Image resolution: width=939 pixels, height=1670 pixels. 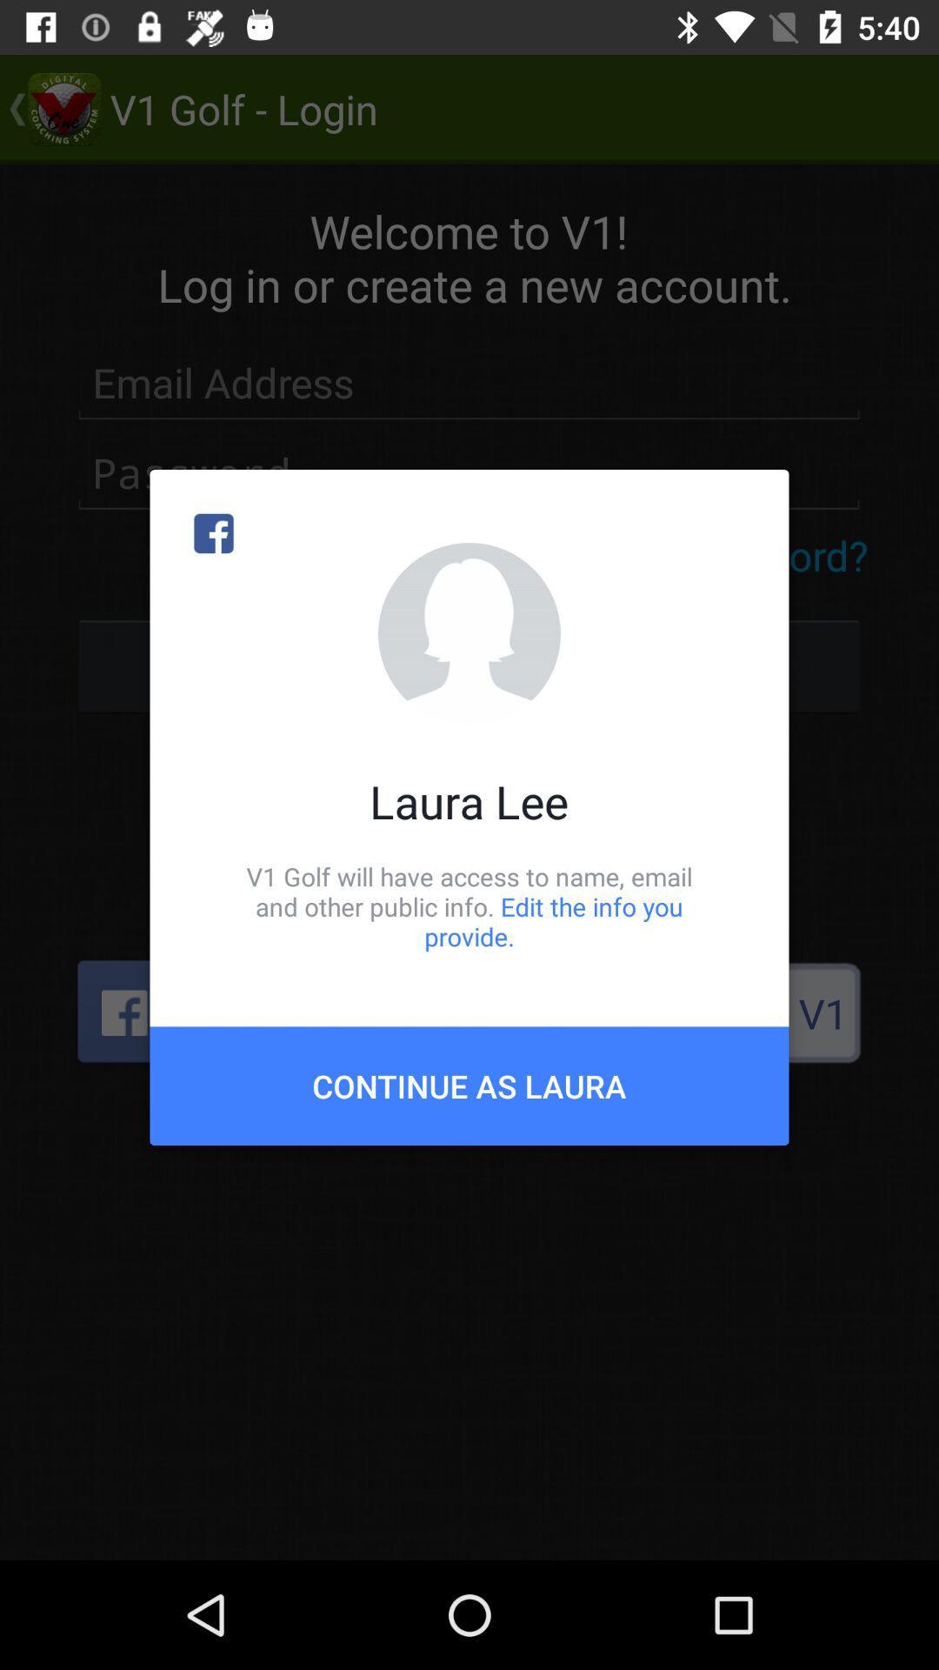 I want to click on the continue as laura icon, so click(x=469, y=1085).